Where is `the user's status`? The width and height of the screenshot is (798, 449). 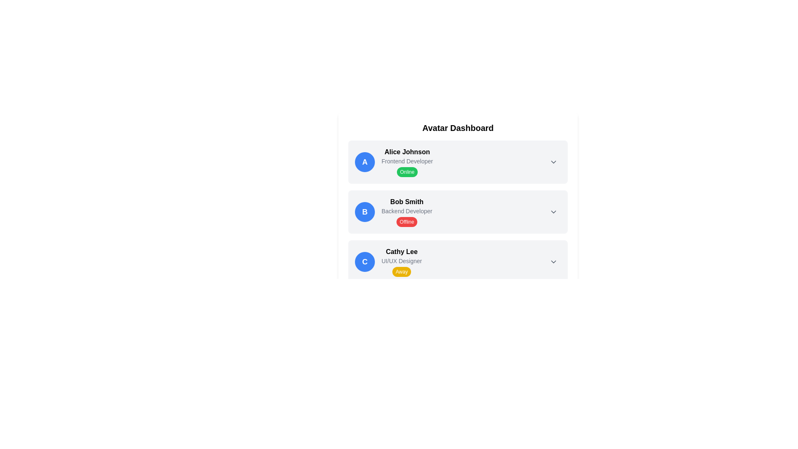
the user's status is located at coordinates (407, 162).